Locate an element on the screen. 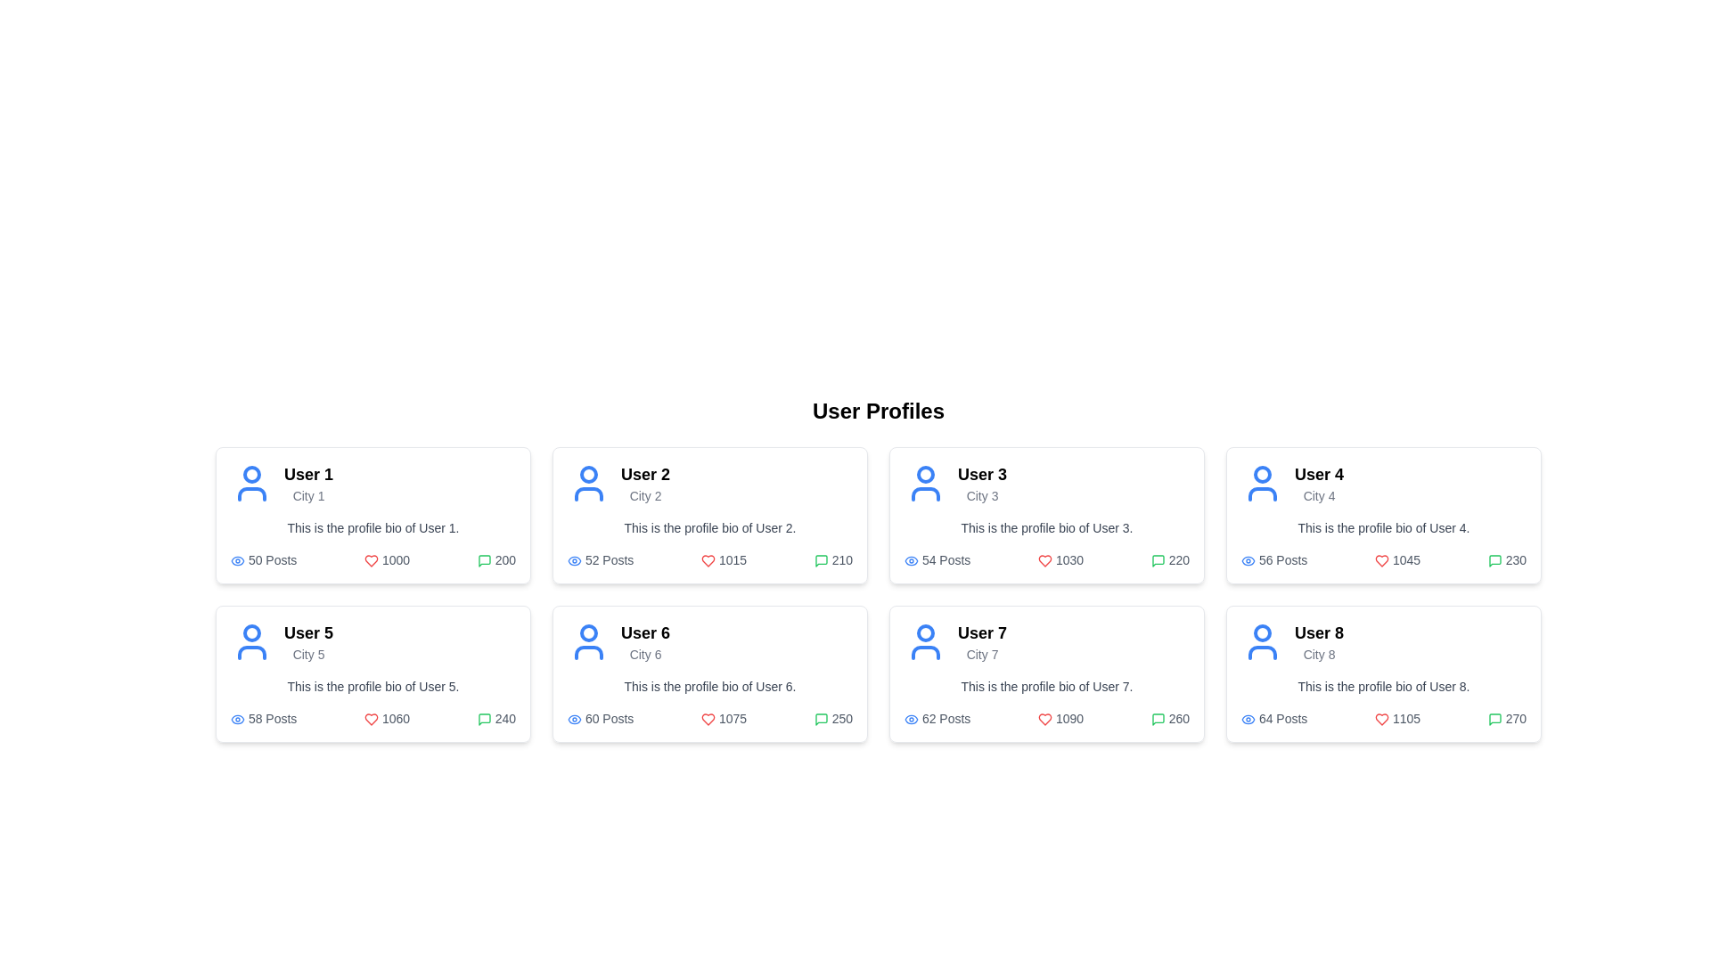 Image resolution: width=1711 pixels, height=962 pixels. the text element showing '60 Posts' associated with User 6, which is located in the bottom-left corner of the card and is the first item in a horizontal group with a blue eye icon, to associate the visual information with the user's activity is located at coordinates (601, 717).